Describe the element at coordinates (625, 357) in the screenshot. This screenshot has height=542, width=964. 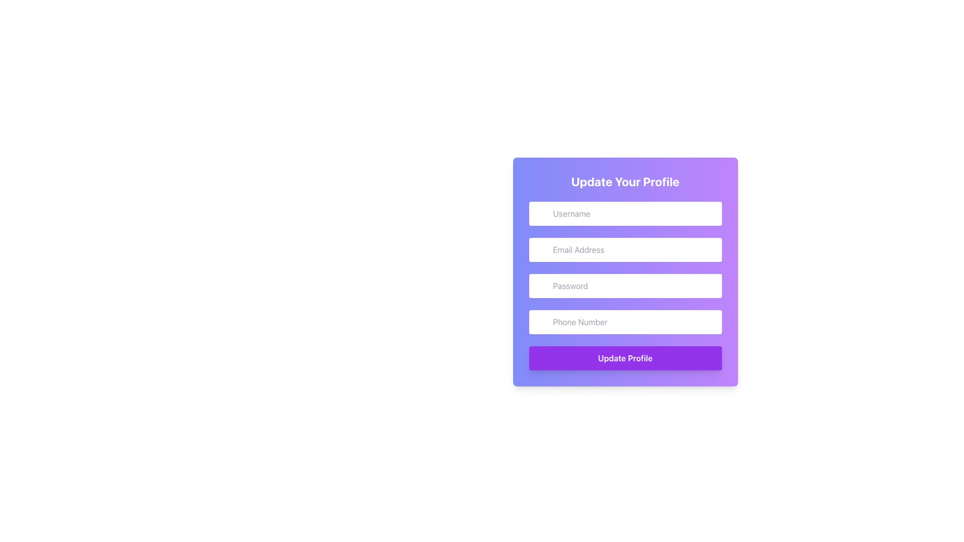
I see `the 'Update Profile' button, which is a horizontally elongated rectangular button with white text on a purple background, located below the 'Phone Number' form field` at that location.